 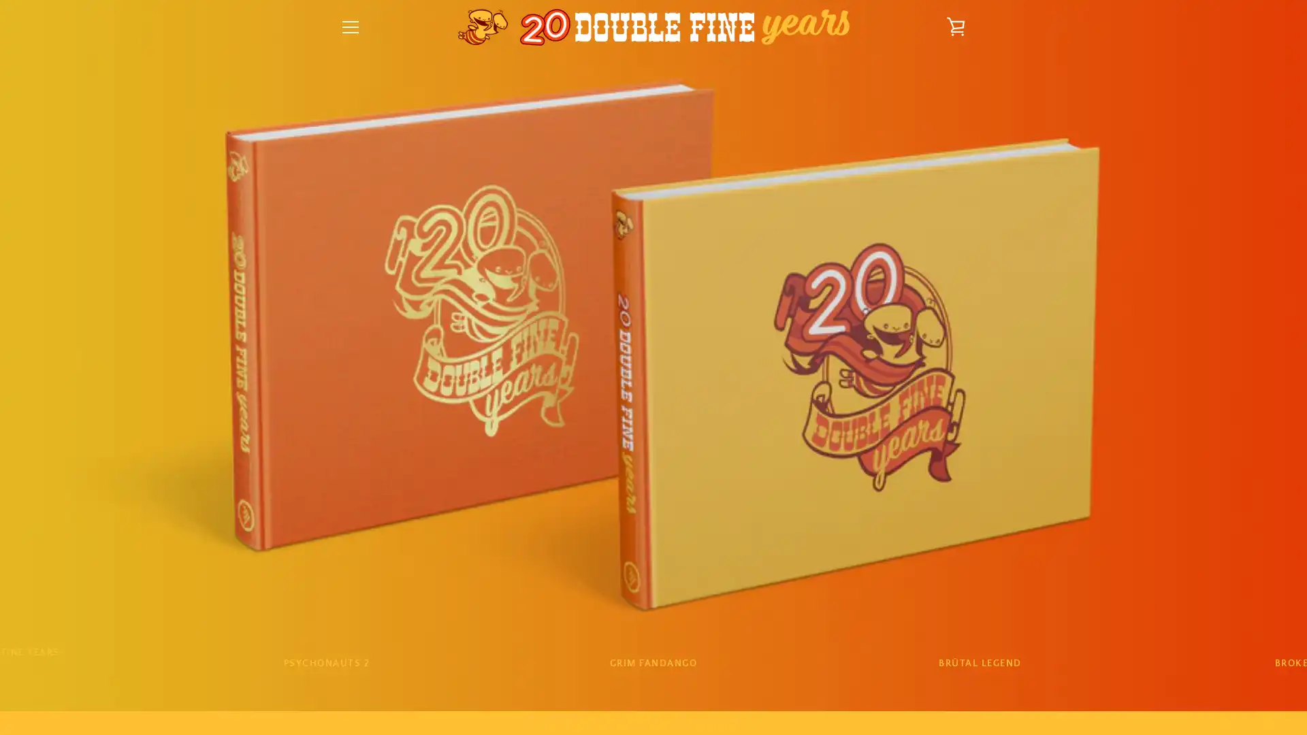 I want to click on SLIDE 2 PSYCHONAUTS 2, so click(x=325, y=663).